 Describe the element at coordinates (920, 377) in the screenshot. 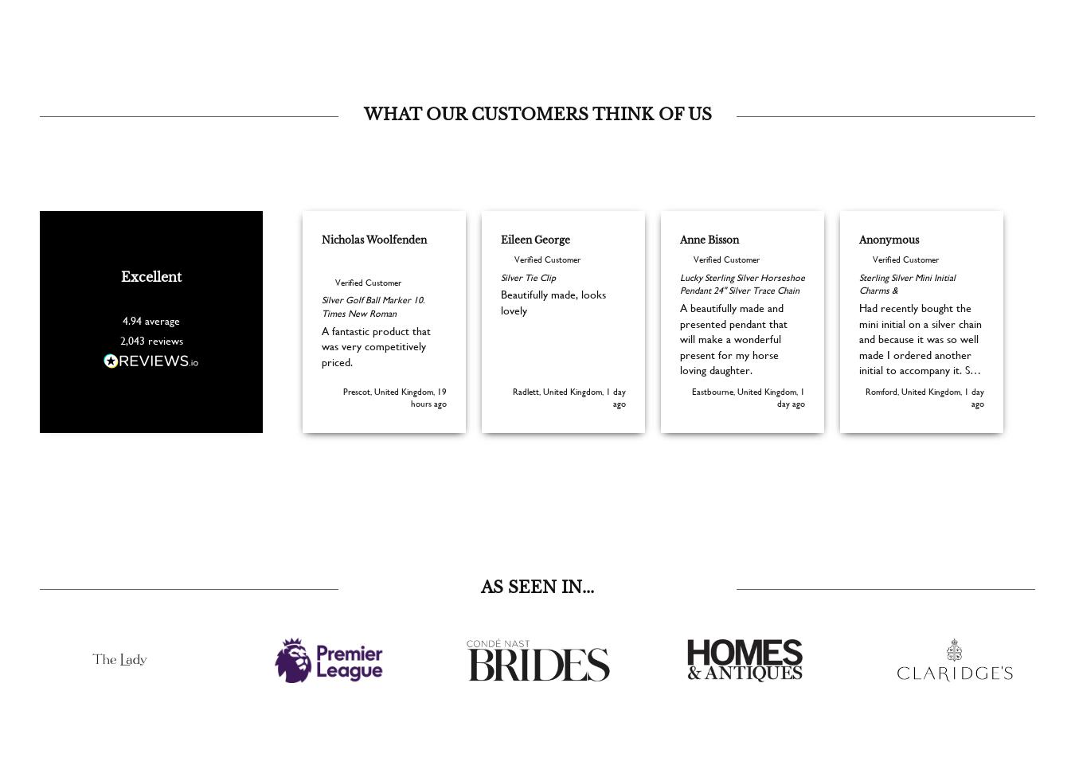

I see `'Had recently bought the mini initial on a silver chain and because it was so well made I ordered another initial to accompany it. So cute. The delivery was earlier than expected.'` at that location.